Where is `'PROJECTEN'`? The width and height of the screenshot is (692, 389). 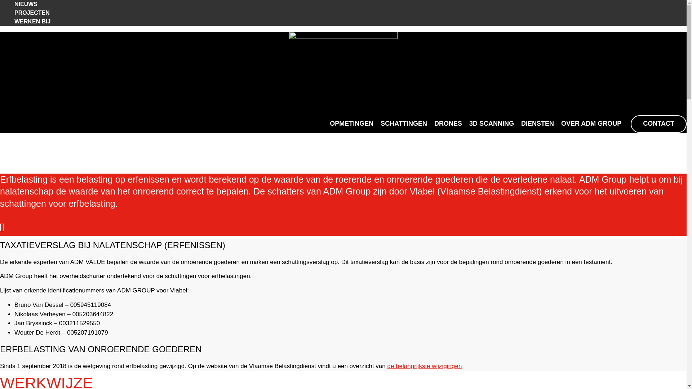 'PROJECTEN' is located at coordinates (32, 13).